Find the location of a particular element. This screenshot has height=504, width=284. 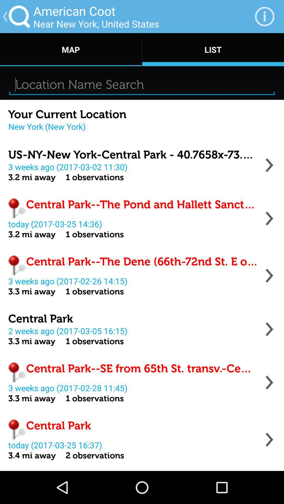

next is located at coordinates (269, 218).